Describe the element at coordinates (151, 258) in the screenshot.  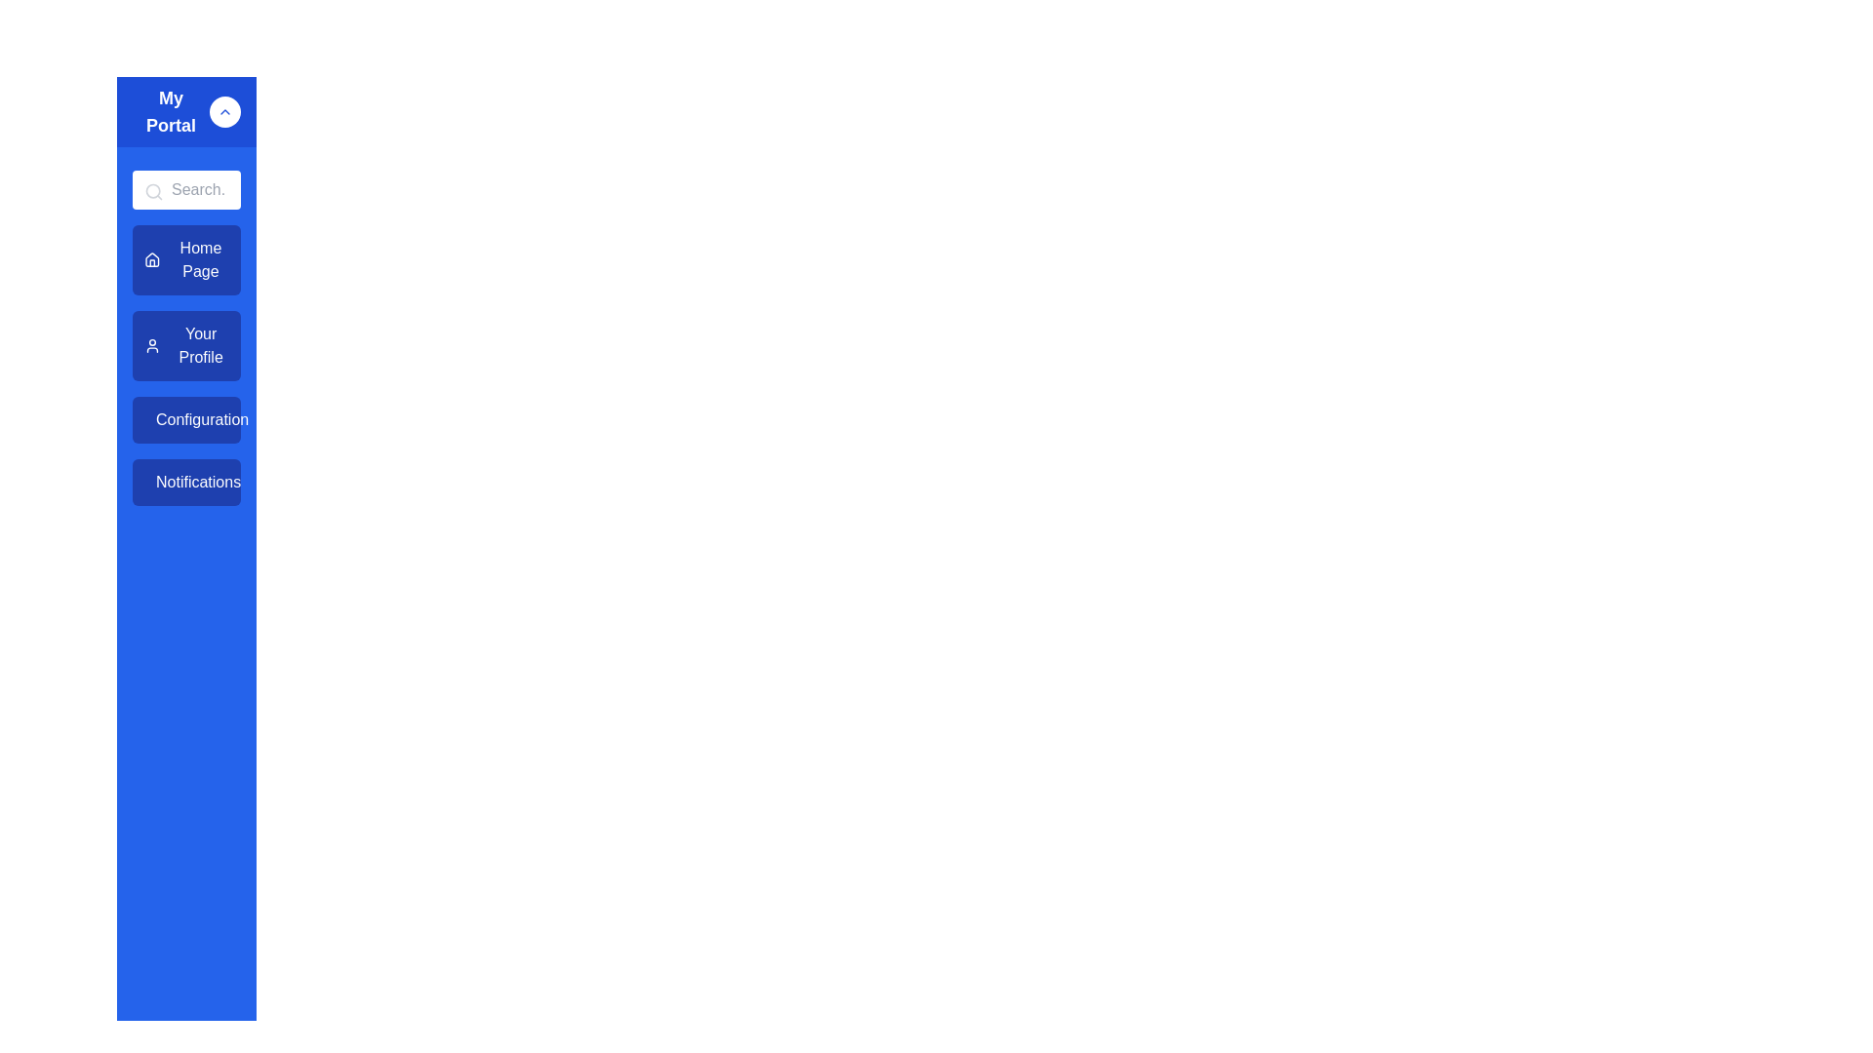
I see `the house-shaped icon representing the 'Home Page' navigation button located in the sidebar menu for navigation purposes` at that location.